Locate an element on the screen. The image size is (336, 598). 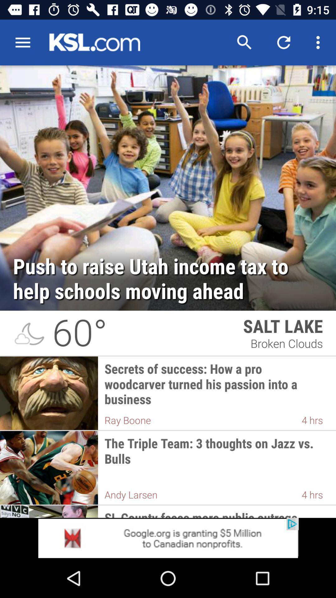
advertisement is located at coordinates (168, 538).